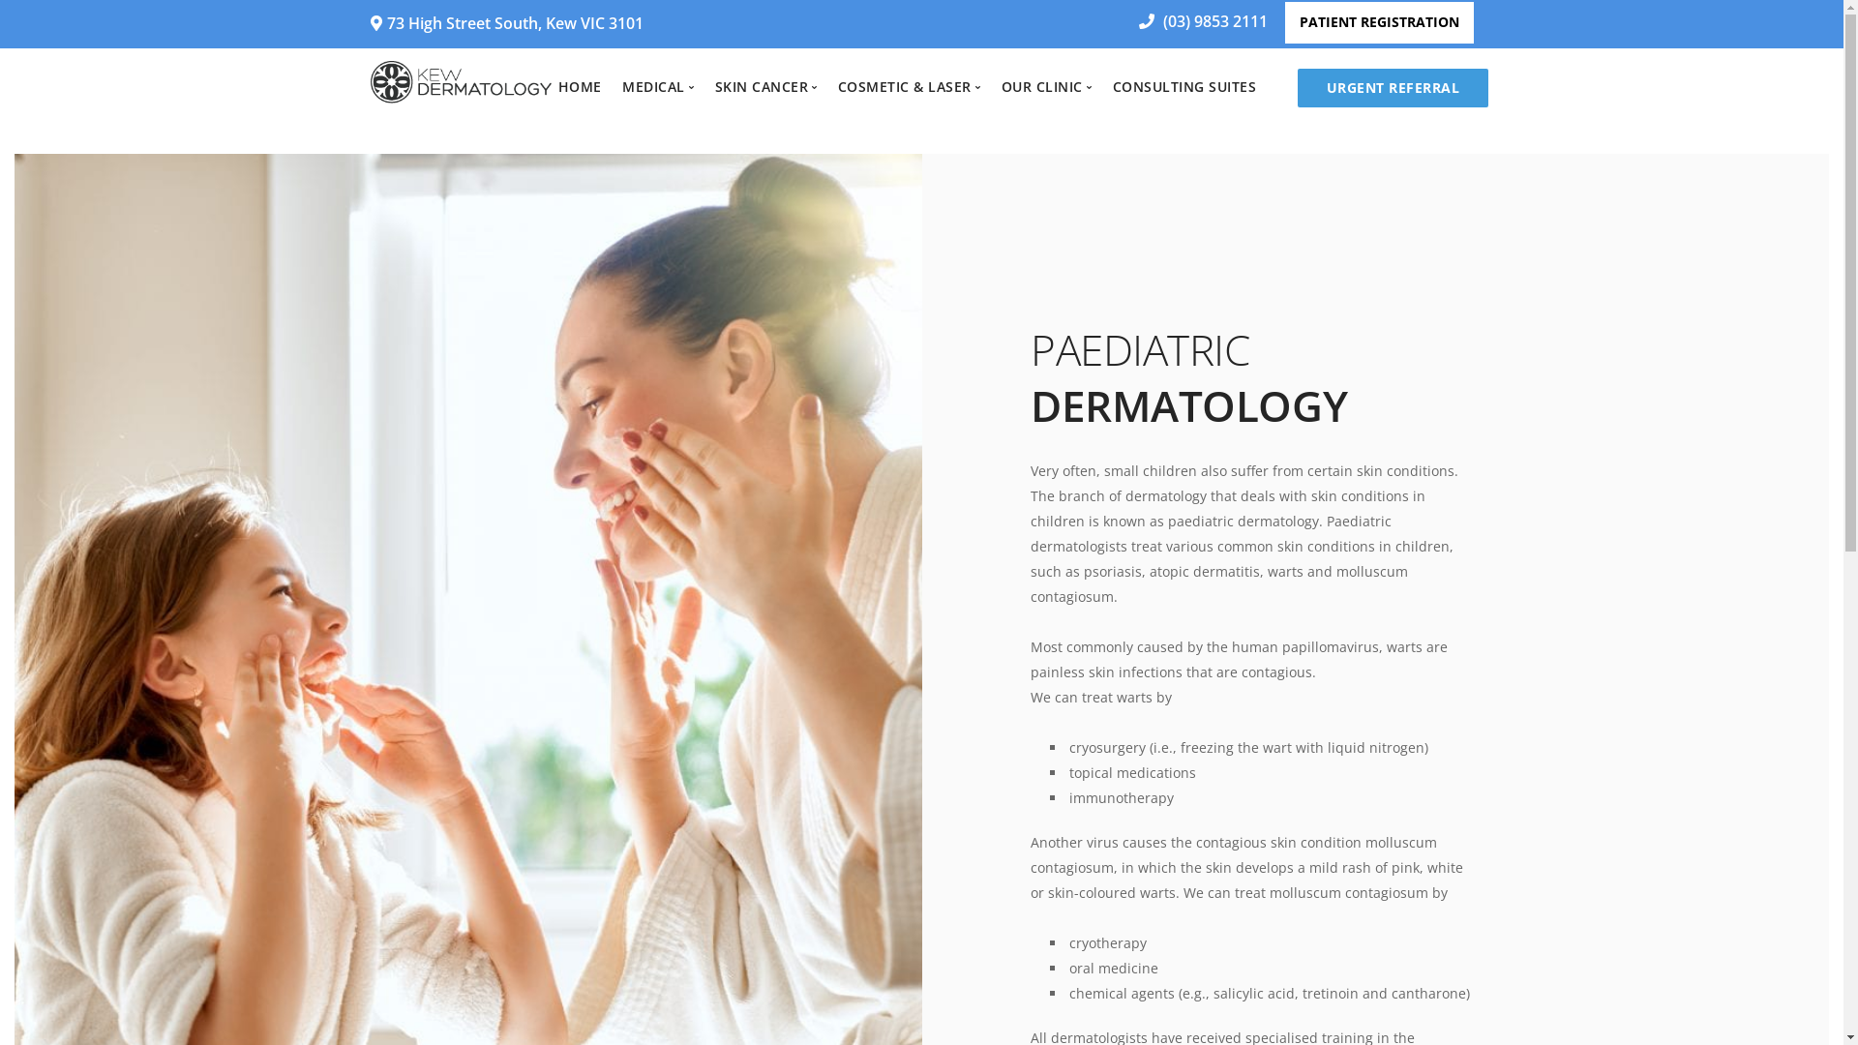 Image resolution: width=1858 pixels, height=1045 pixels. I want to click on 'URGENT REFERRAL', so click(1297, 88).